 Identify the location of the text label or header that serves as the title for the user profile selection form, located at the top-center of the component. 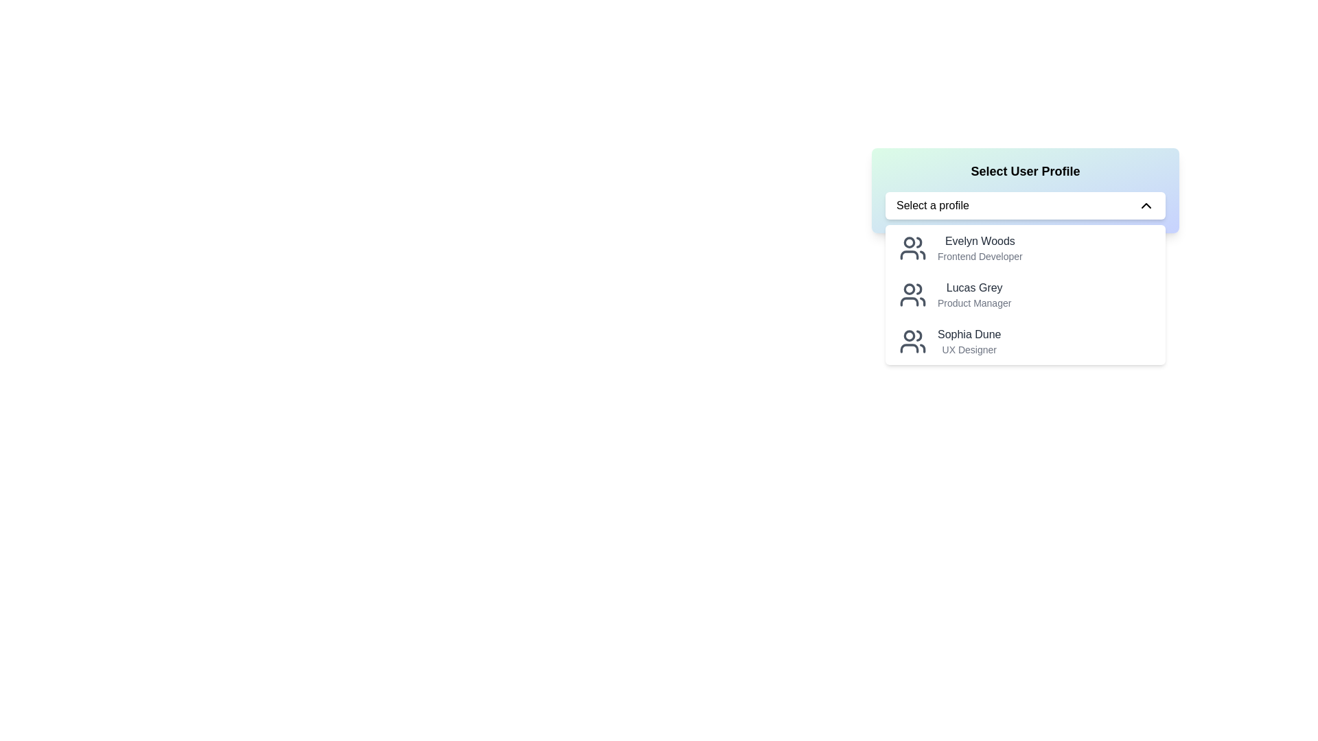
(1025, 171).